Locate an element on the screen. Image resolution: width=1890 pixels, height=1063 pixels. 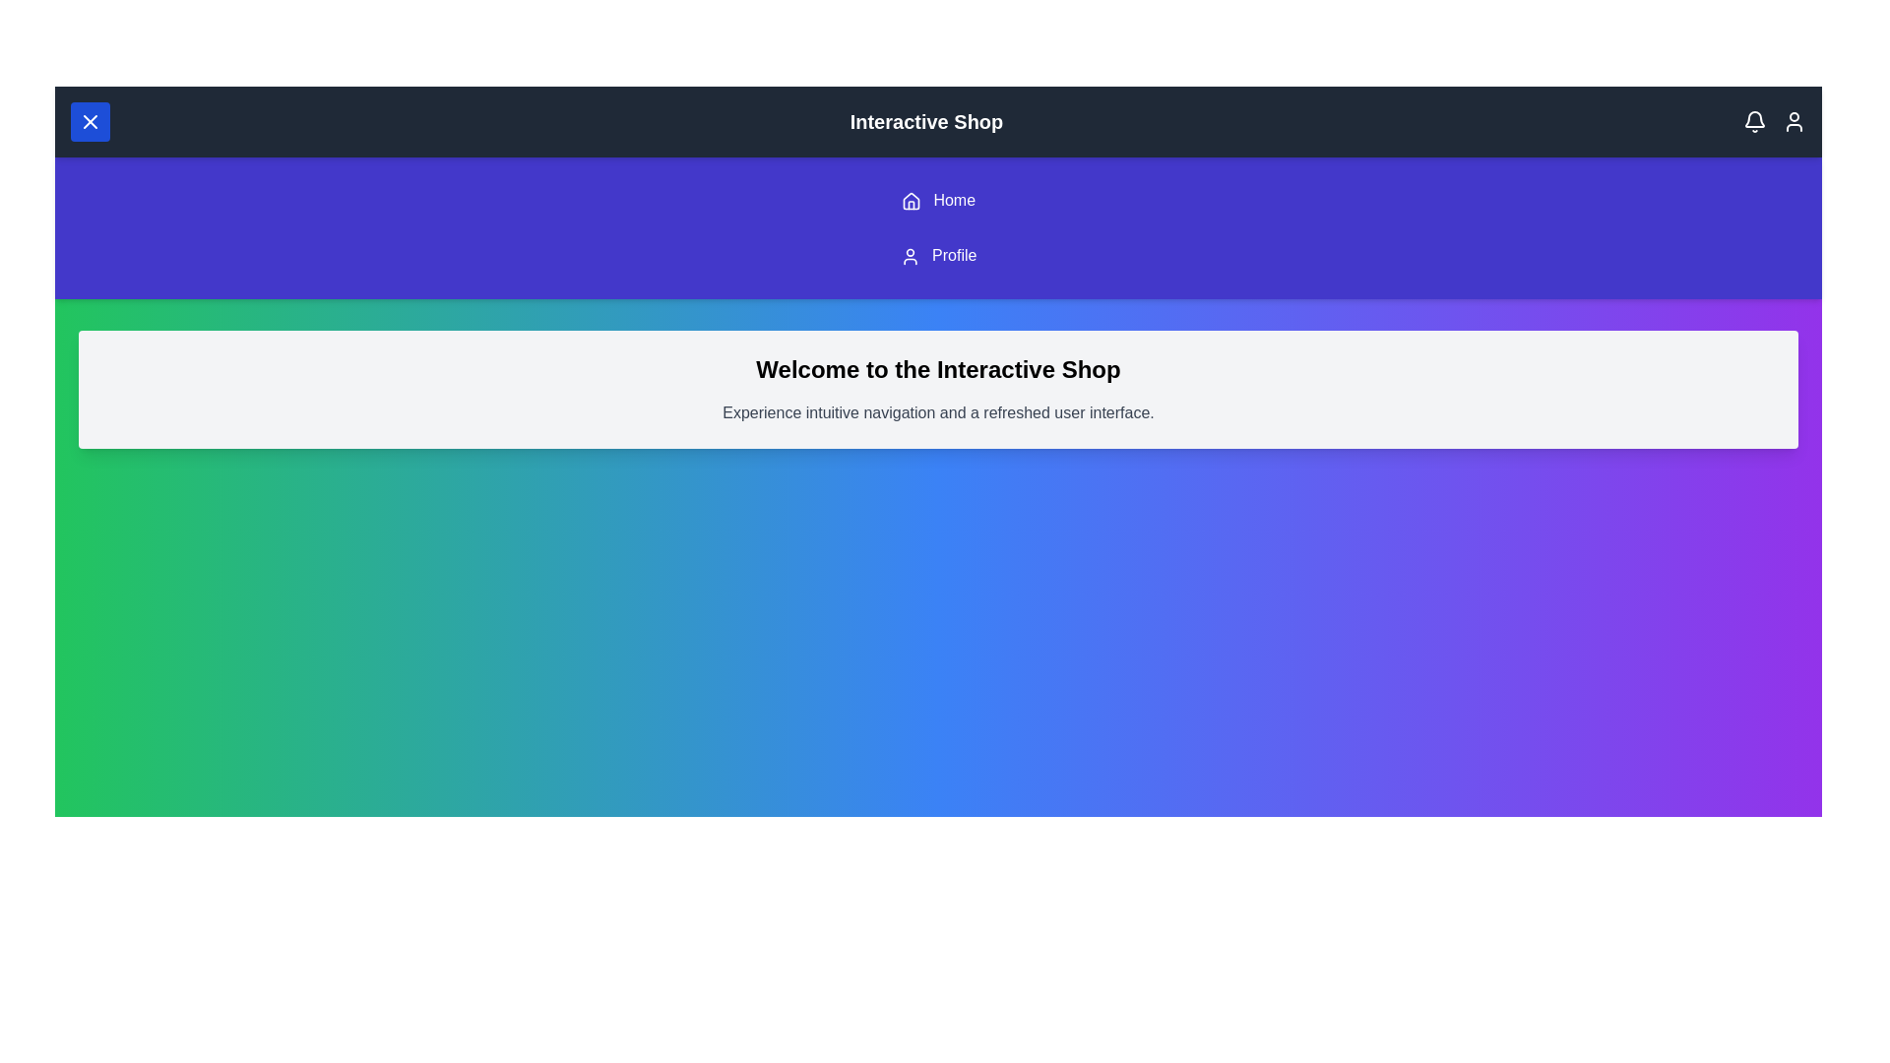
the user icon in the top-right corner of the app bar is located at coordinates (1795, 121).